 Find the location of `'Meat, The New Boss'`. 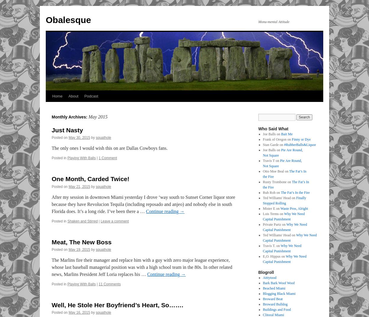

'Meat, The New Boss' is located at coordinates (81, 242).